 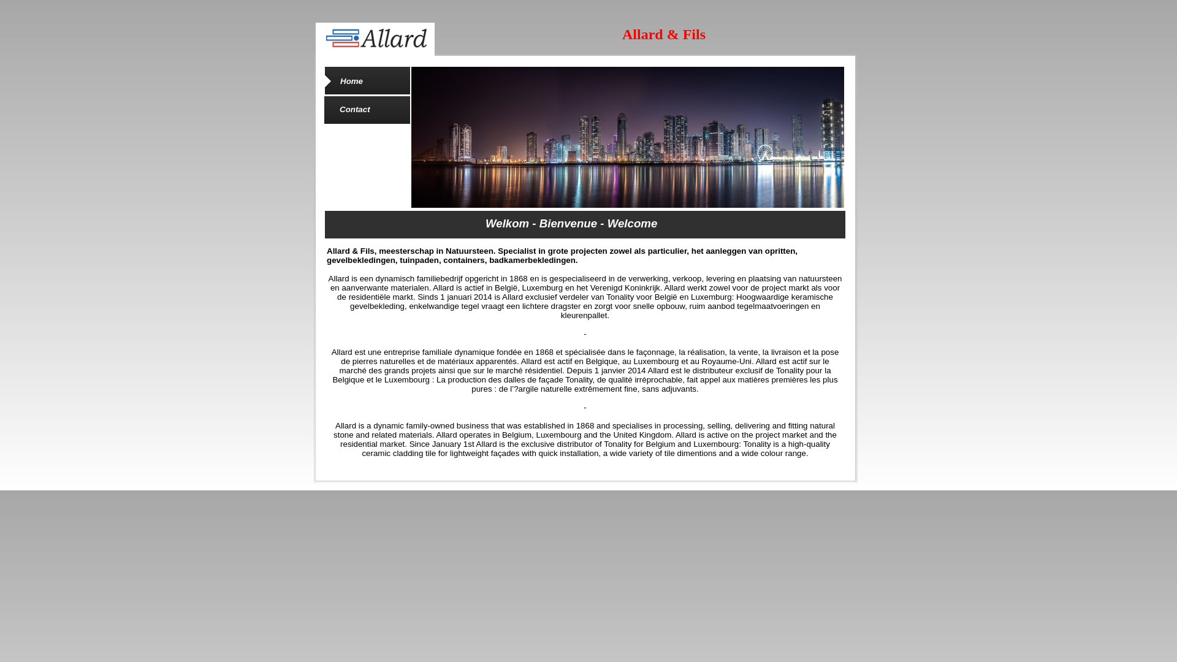 I want to click on 'Contact', so click(x=339, y=108).